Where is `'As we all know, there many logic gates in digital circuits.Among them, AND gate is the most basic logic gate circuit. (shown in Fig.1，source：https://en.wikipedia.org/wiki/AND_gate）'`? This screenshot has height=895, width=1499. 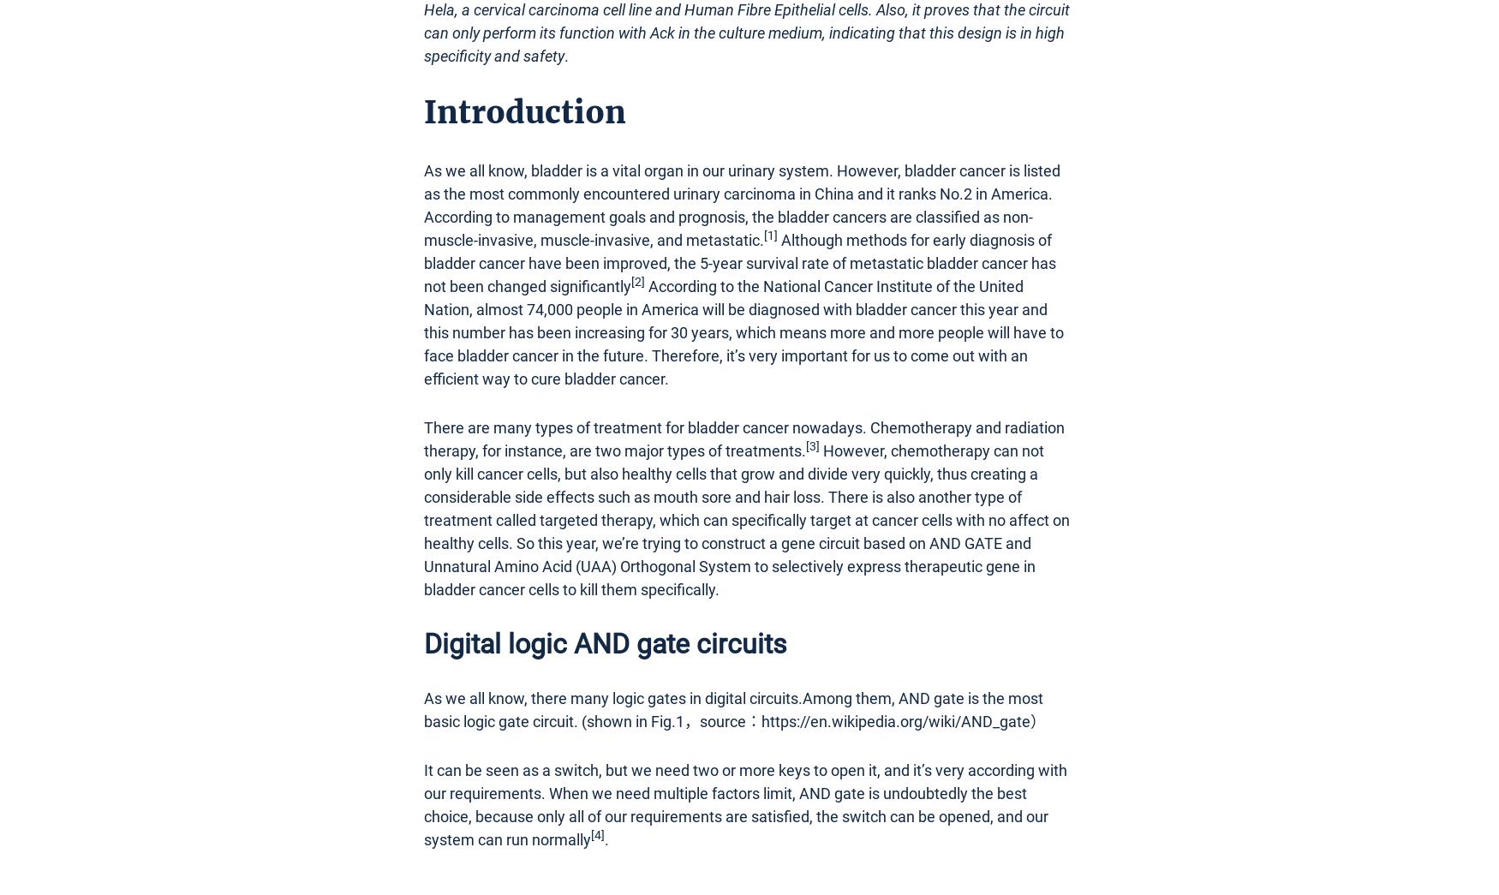
'As we all know, there many logic gates in digital circuits.Among them, AND gate is the most basic logic gate circuit. (shown in Fig.1，source：https://en.wikipedia.org/wiki/AND_gate）' is located at coordinates (735, 707).